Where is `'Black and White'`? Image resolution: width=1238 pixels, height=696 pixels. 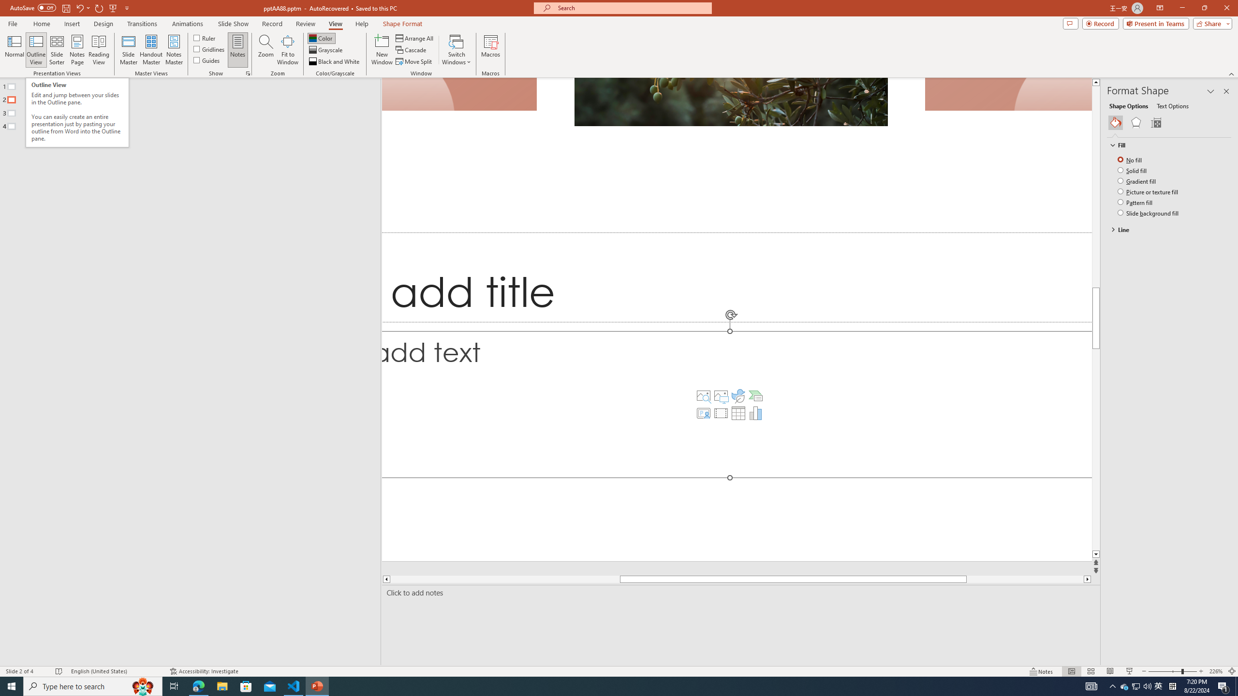 'Black and White' is located at coordinates (335, 61).